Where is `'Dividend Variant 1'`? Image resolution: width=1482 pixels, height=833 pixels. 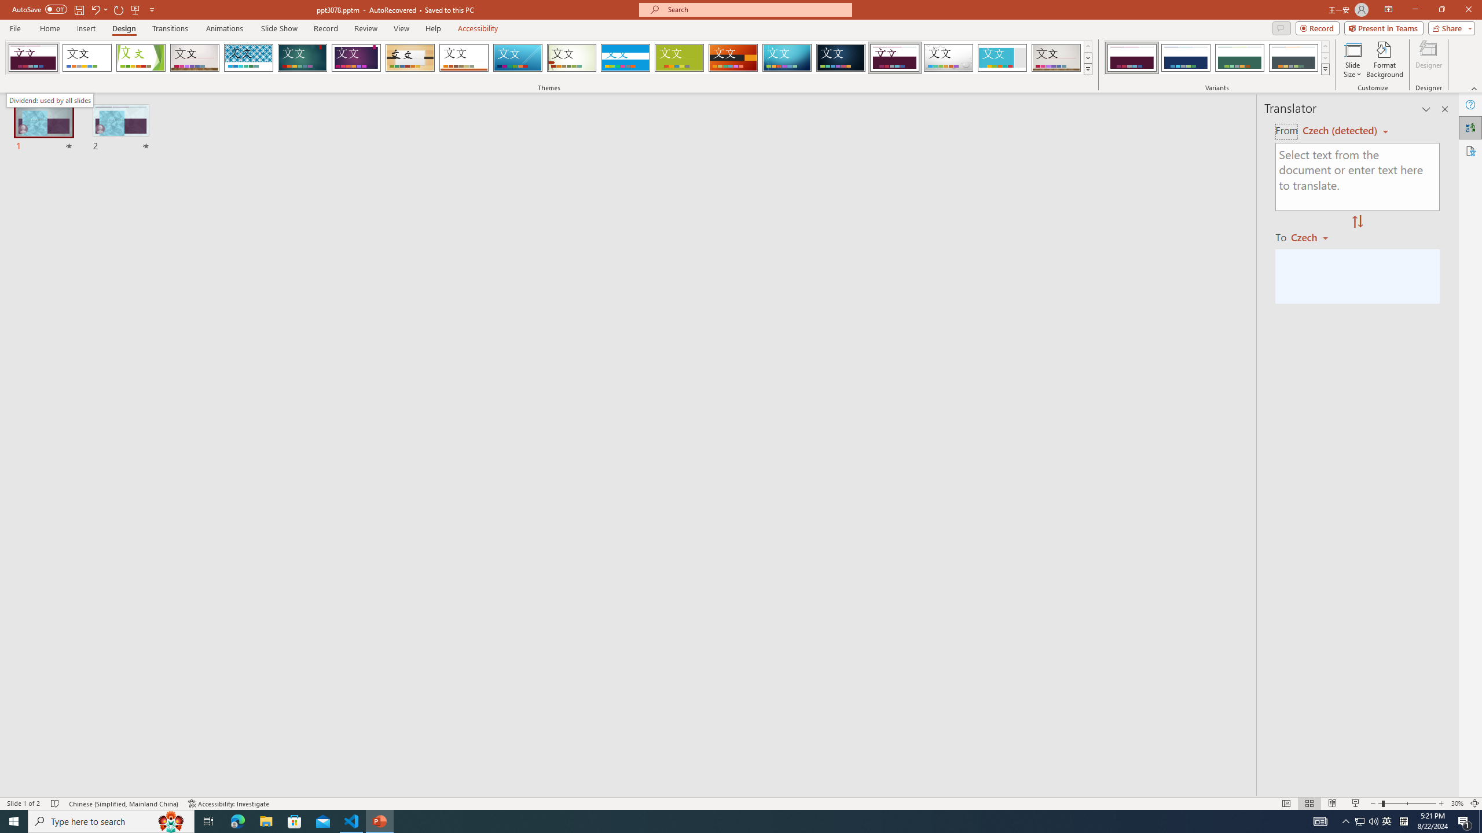 'Dividend Variant 1' is located at coordinates (1131, 57).